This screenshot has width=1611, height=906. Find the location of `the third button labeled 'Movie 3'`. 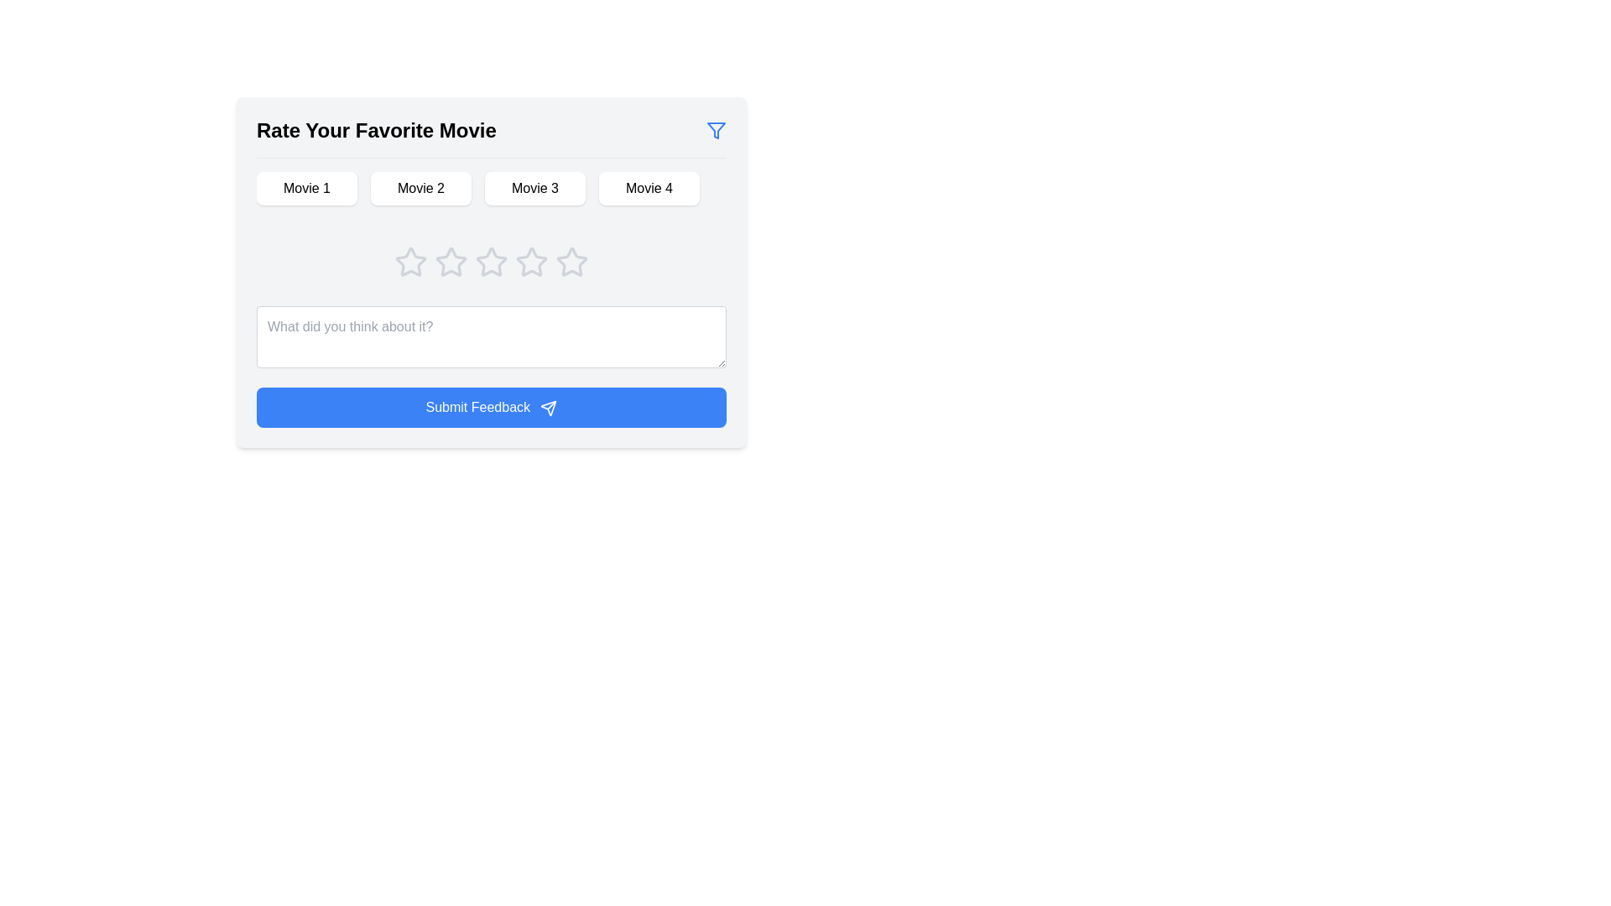

the third button labeled 'Movie 3' is located at coordinates (534, 188).